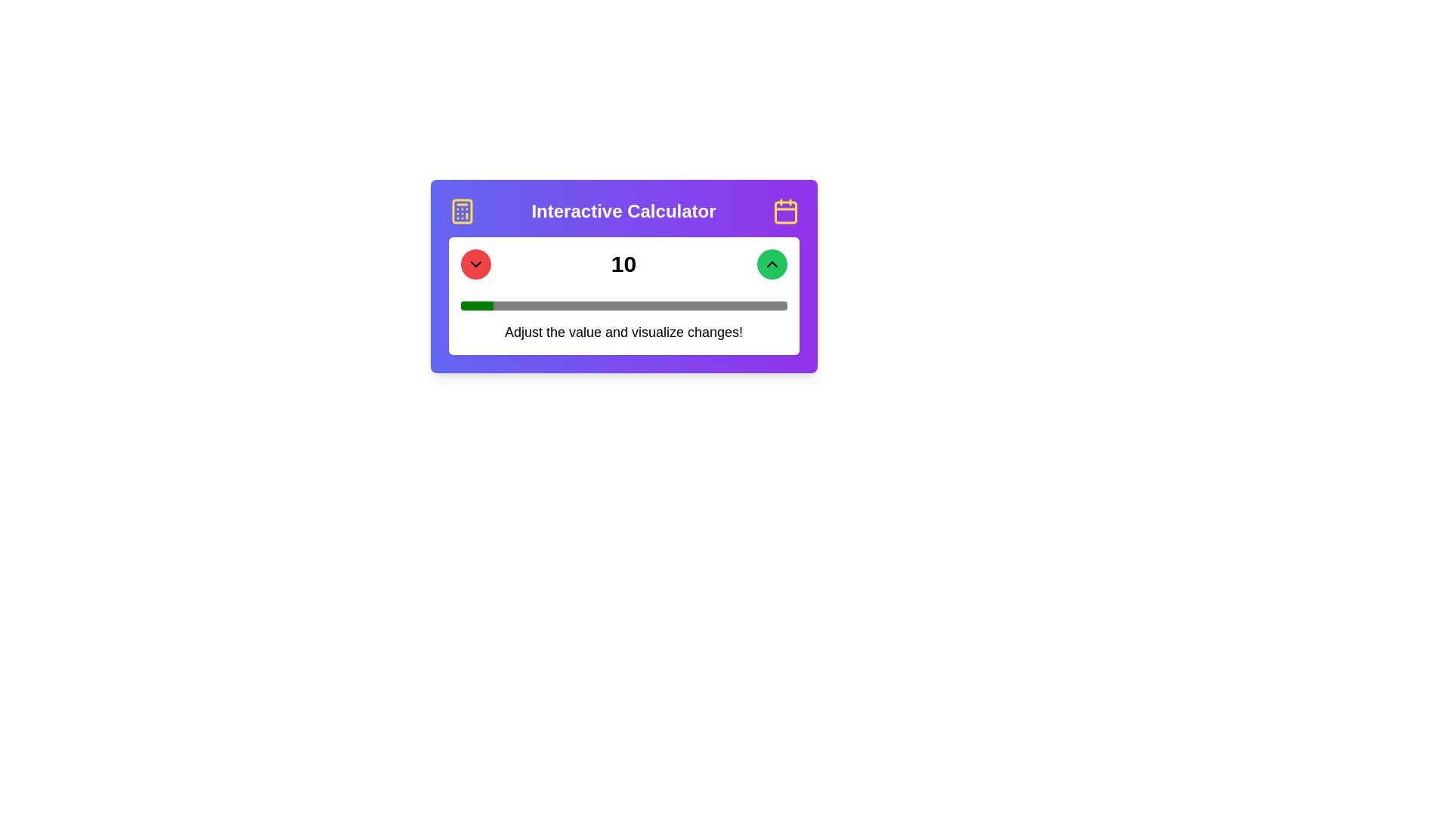 This screenshot has width=1451, height=816. What do you see at coordinates (512, 306) in the screenshot?
I see `the slider value` at bounding box center [512, 306].